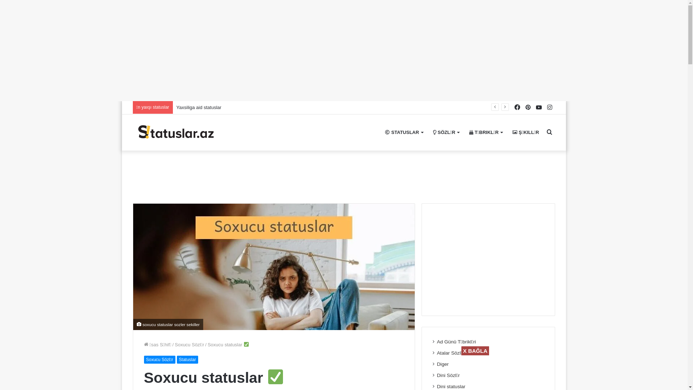 The width and height of the screenshot is (693, 390). Describe the element at coordinates (357, 372) in the screenshot. I see `'Advertisement'` at that location.